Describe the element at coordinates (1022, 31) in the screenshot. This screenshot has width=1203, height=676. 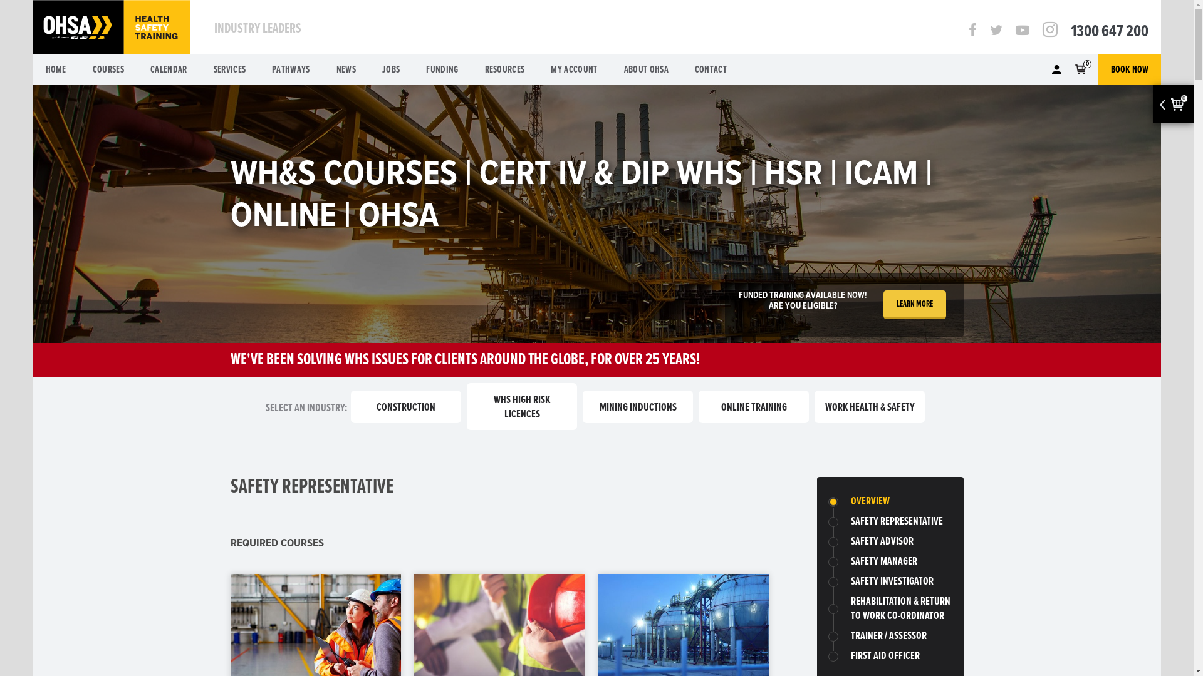
I see `'Youtube'` at that location.